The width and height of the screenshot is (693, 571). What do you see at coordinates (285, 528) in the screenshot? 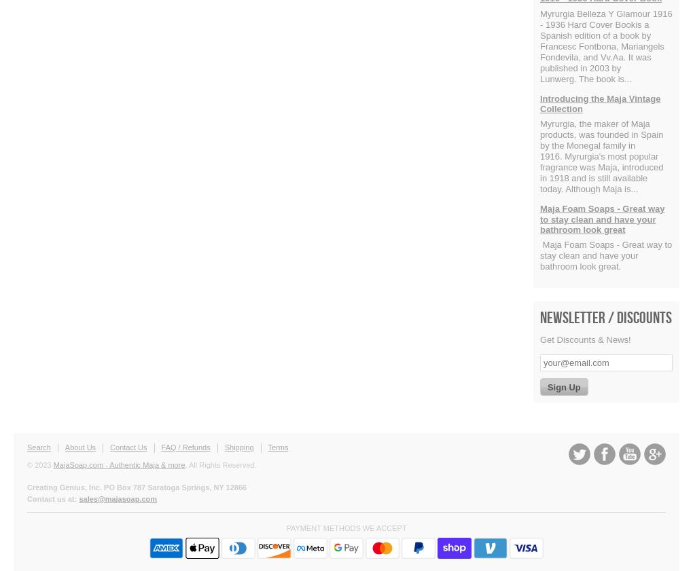
I see `'Payment methods we accept'` at bounding box center [285, 528].